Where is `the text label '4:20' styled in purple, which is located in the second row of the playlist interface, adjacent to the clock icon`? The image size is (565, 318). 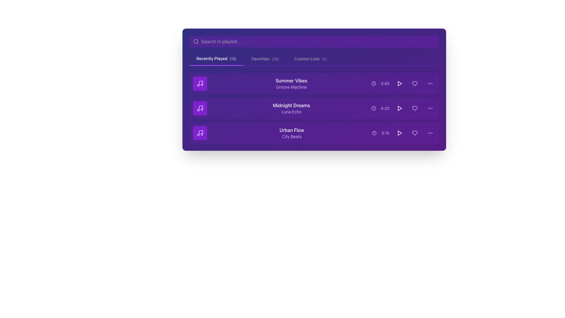 the text label '4:20' styled in purple, which is located in the second row of the playlist interface, adjacent to the clock icon is located at coordinates (385, 108).